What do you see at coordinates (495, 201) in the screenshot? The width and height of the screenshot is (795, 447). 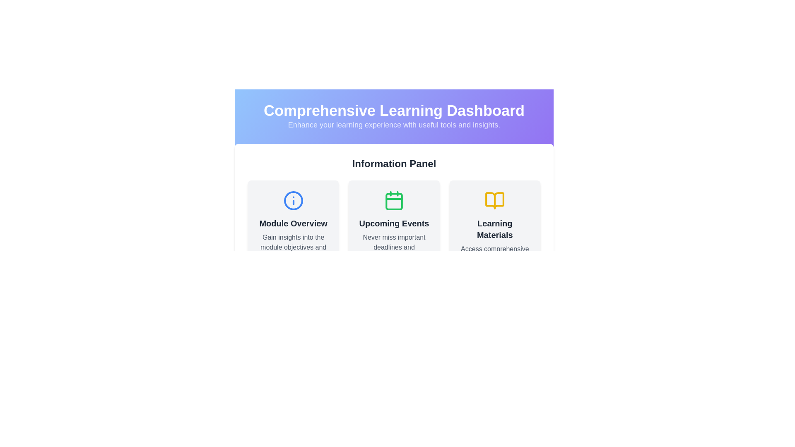 I see `the open book icon located at the top center of the 'Learning Materials' card, which is the third card in a row of three under the 'Information Panel' section` at bounding box center [495, 201].